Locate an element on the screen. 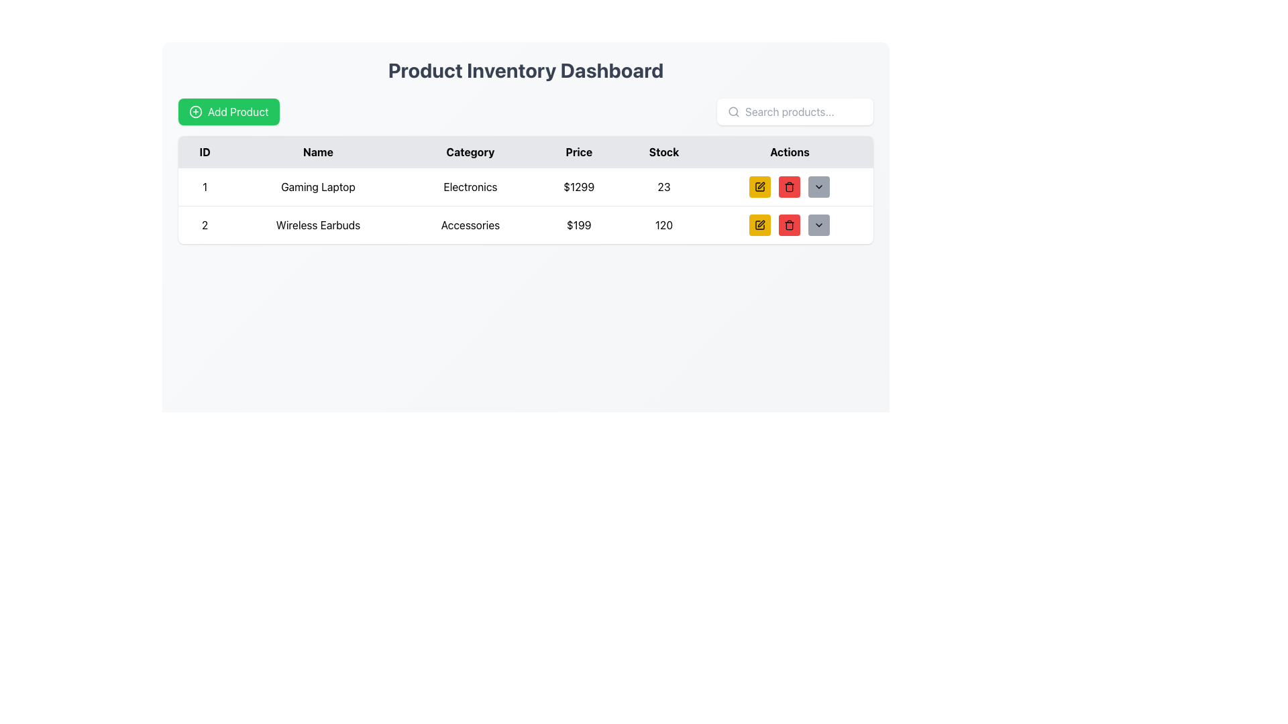 The height and width of the screenshot is (724, 1288). the price display for the 'Gaming Laptop' located in the fourth column of the first row of the table under the 'Price' header is located at coordinates (579, 187).